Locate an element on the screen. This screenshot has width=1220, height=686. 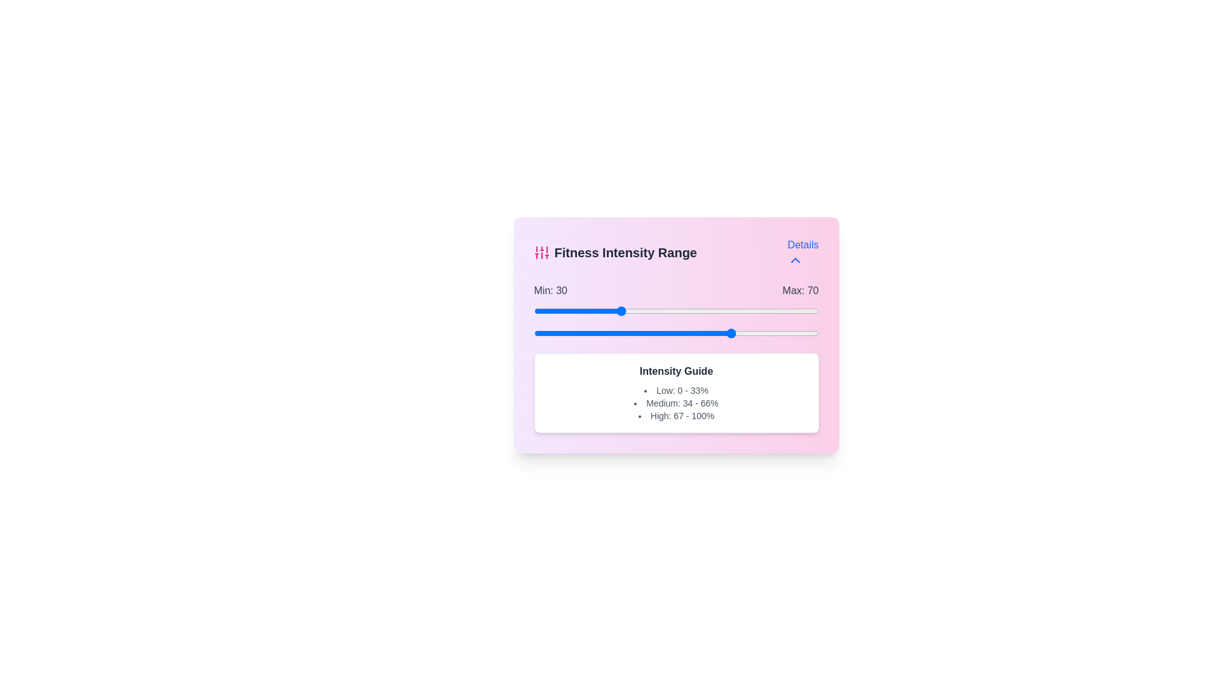
the minimum intensity slider to 3 percent is located at coordinates (543, 311).